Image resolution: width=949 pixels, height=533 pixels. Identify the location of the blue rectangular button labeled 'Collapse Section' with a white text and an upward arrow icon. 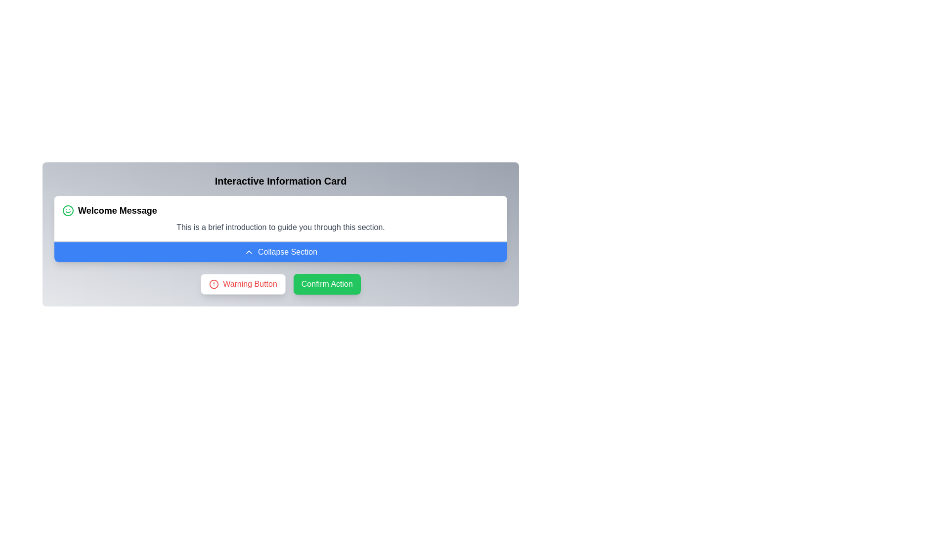
(280, 251).